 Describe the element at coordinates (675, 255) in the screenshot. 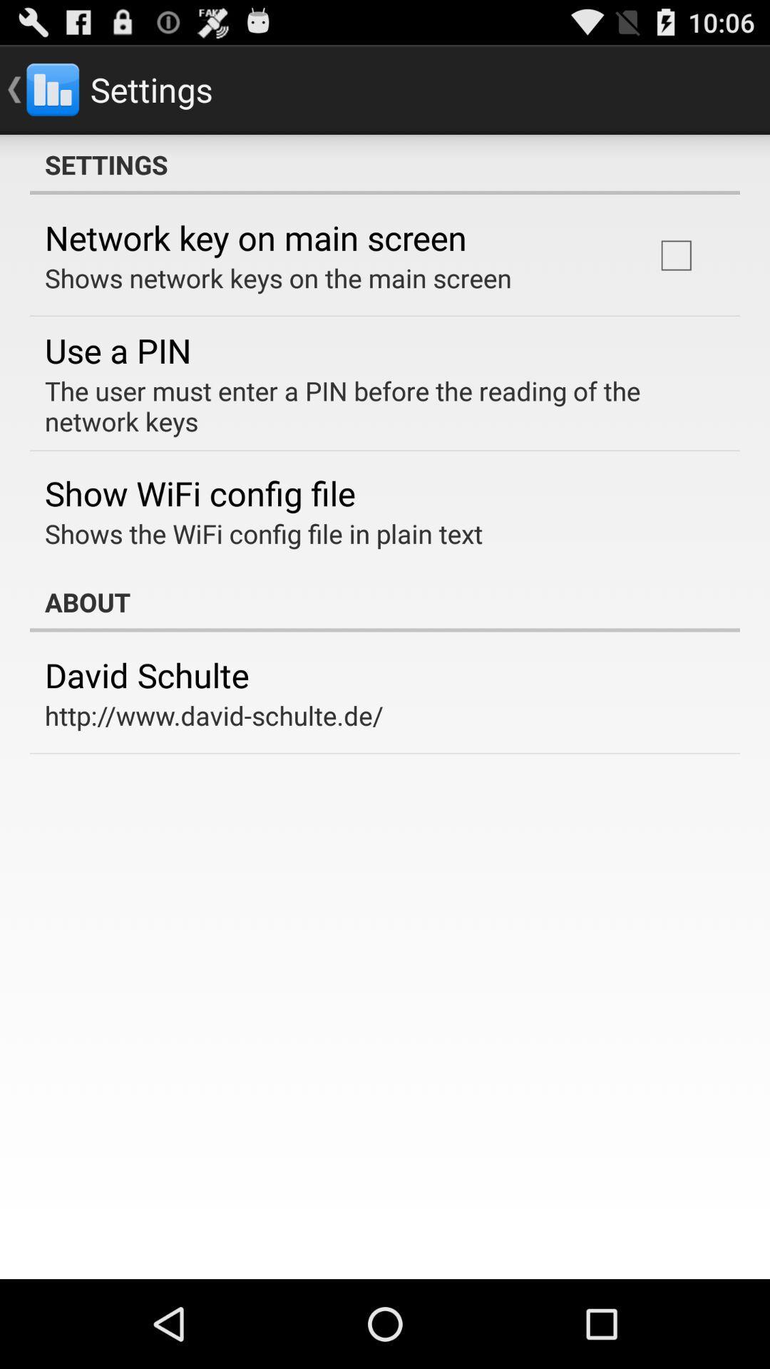

I see `icon above the the user must app` at that location.